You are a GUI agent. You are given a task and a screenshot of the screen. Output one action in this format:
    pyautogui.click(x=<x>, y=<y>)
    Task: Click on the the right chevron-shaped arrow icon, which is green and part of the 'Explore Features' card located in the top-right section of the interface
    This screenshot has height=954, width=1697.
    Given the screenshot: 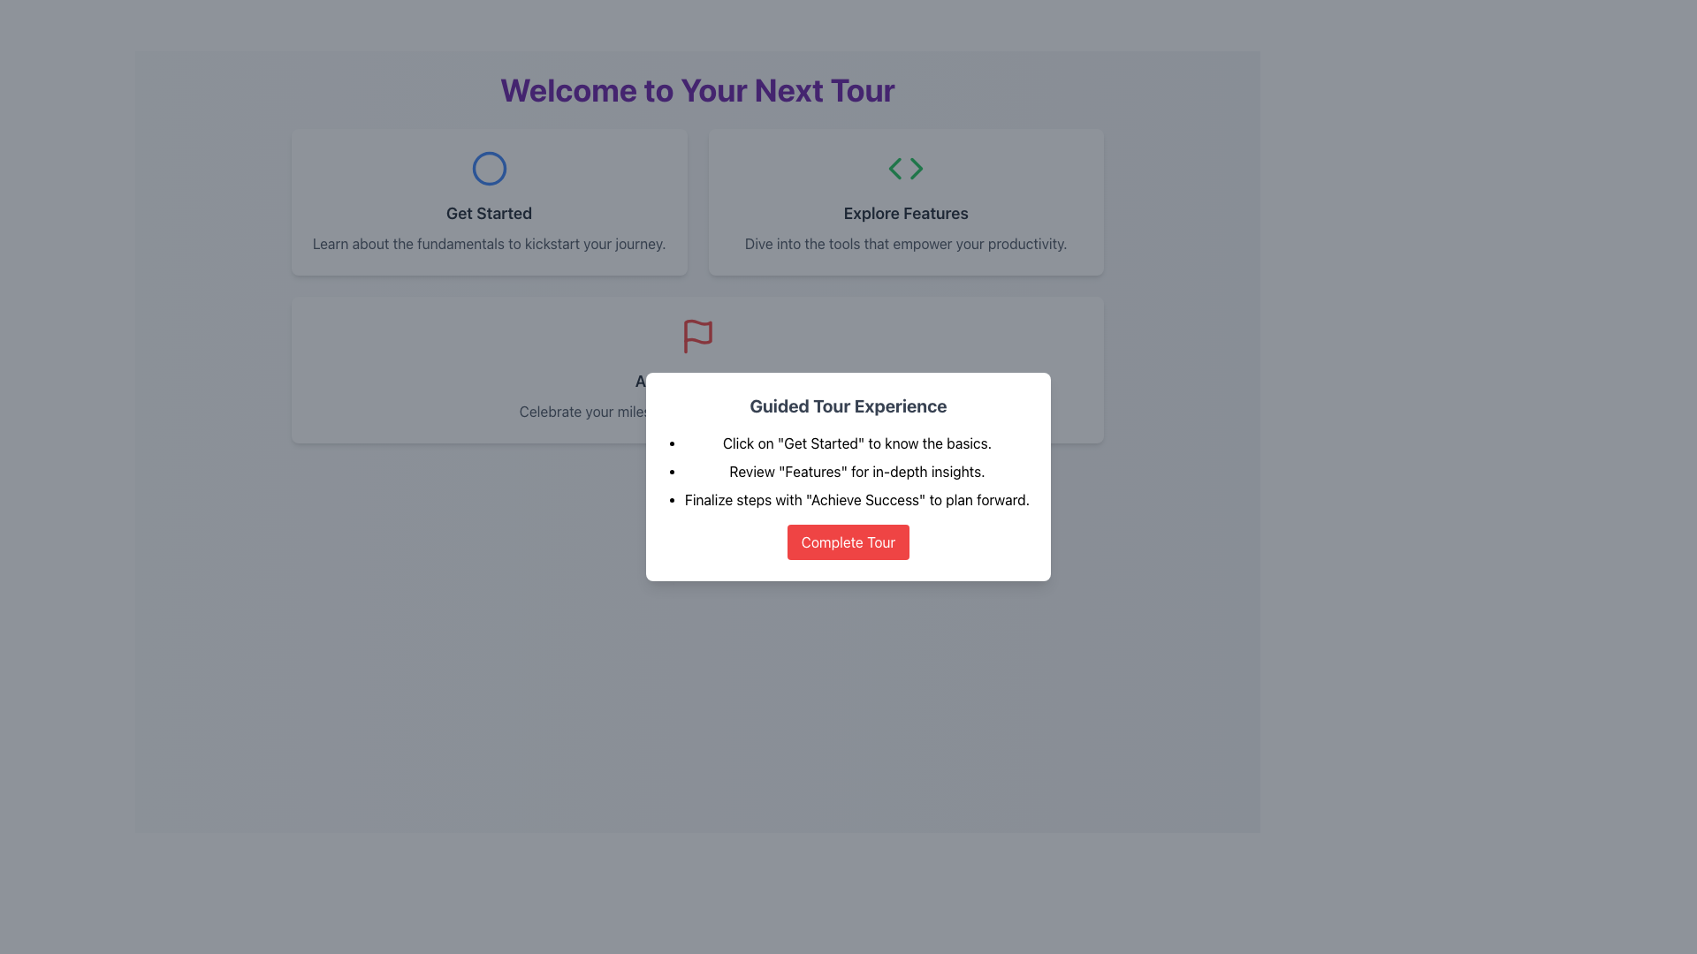 What is the action you would take?
    pyautogui.click(x=917, y=169)
    